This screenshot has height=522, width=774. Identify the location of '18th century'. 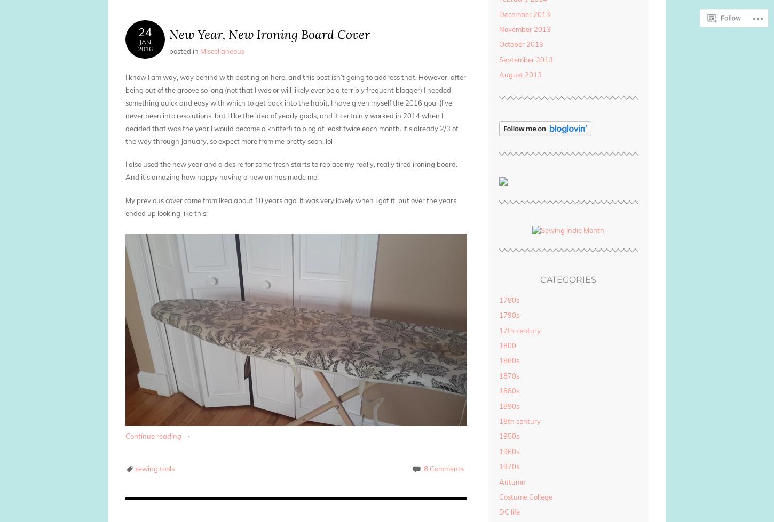
(519, 420).